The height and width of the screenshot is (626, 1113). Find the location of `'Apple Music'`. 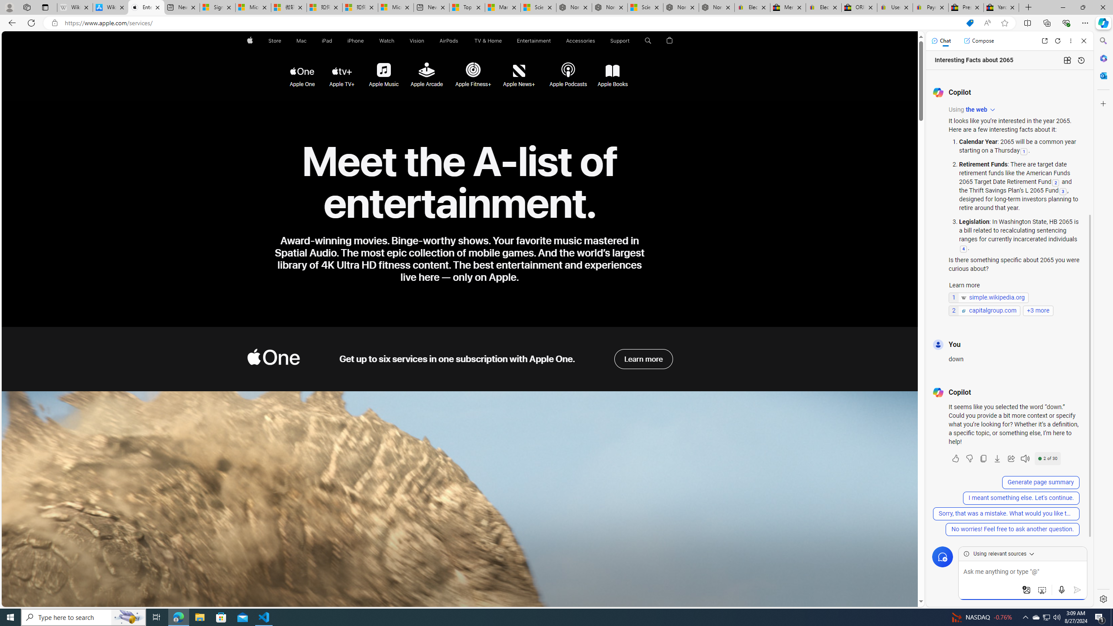

'Apple Music' is located at coordinates (383, 70).